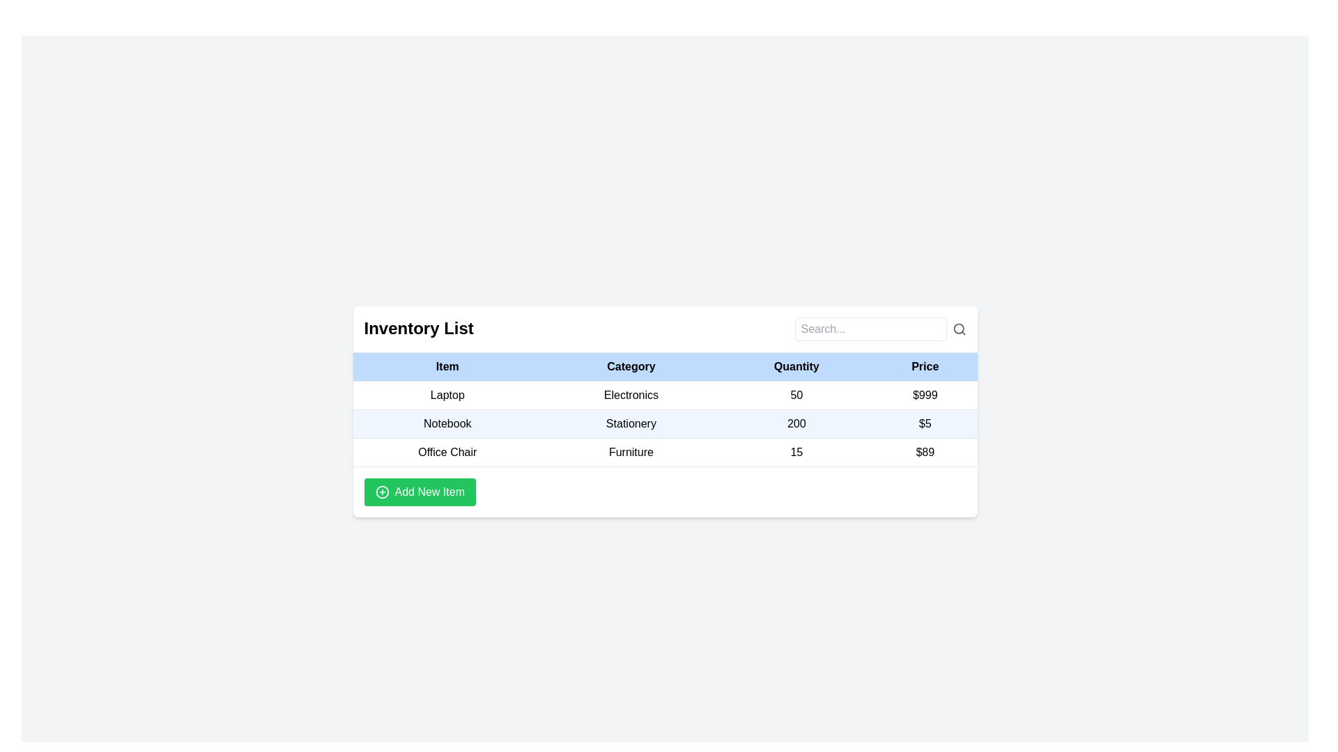 The width and height of the screenshot is (1338, 752). I want to click on text content of the 'Electronics' label, which is a black text on a white background, located in the second column of the first data row of the inventory table, so click(630, 395).